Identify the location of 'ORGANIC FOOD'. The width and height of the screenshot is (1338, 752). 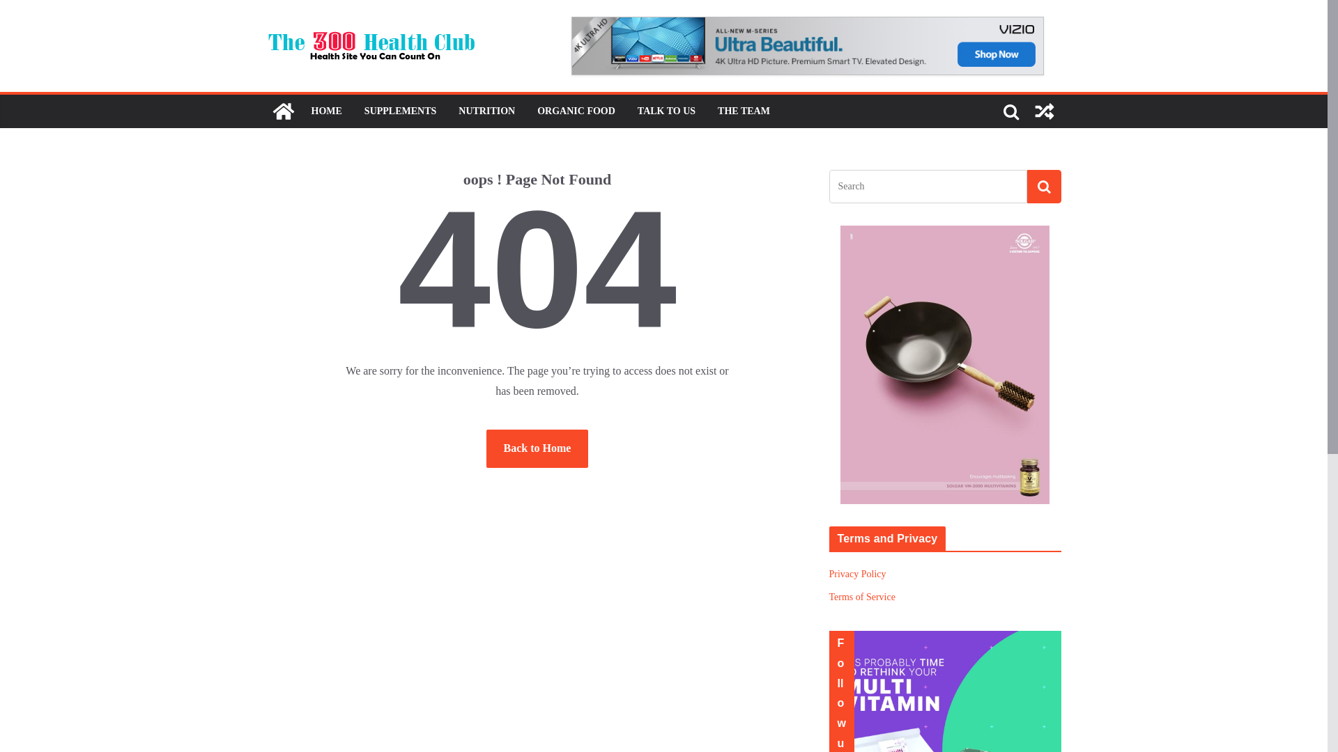
(576, 110).